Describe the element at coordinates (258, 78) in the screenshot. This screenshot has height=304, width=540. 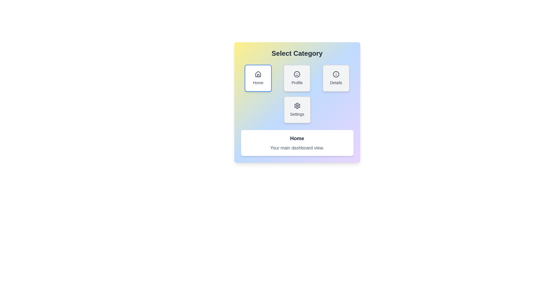
I see `the 'Home' navigation button located in the top-left corner of the 'Select Category' section to observe a visual scaling effect` at that location.